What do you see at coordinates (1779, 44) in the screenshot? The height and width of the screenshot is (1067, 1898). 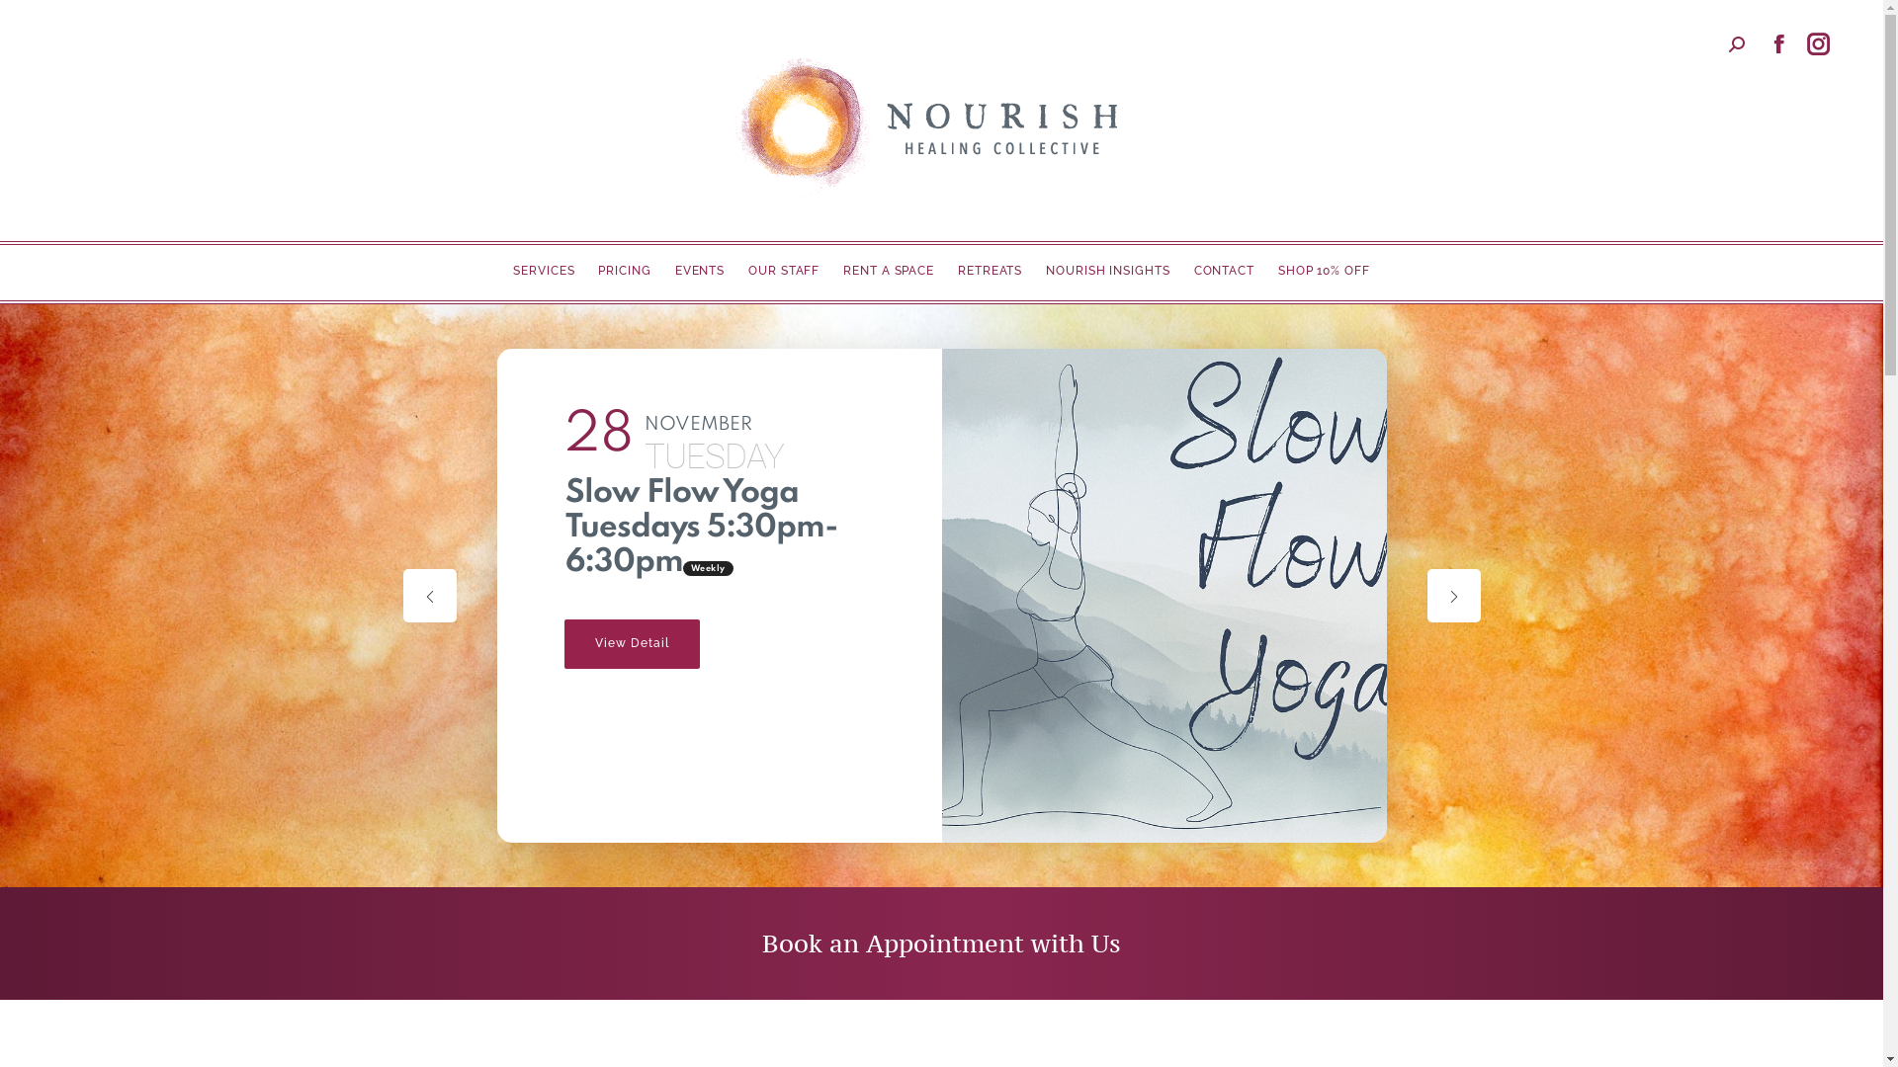 I see `'Facebook page opens in new window'` at bounding box center [1779, 44].